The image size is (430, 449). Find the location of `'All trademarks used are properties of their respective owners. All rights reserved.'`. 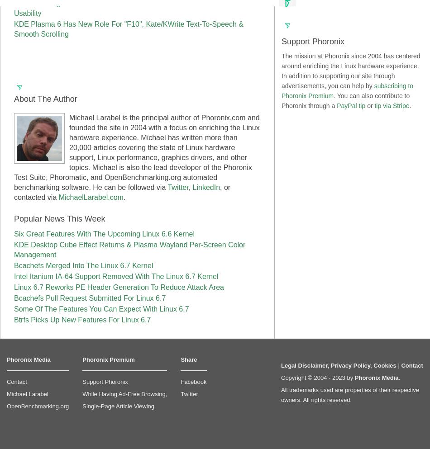

'All trademarks used are properties of their respective owners. All rights reserved.' is located at coordinates (349, 394).